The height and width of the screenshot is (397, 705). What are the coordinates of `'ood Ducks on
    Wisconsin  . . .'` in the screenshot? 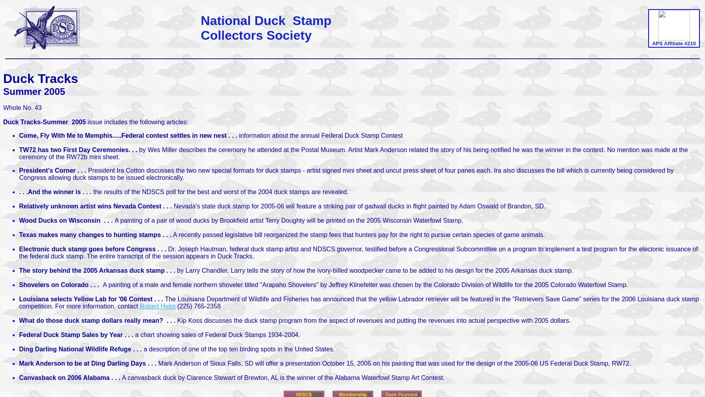 It's located at (24, 220).